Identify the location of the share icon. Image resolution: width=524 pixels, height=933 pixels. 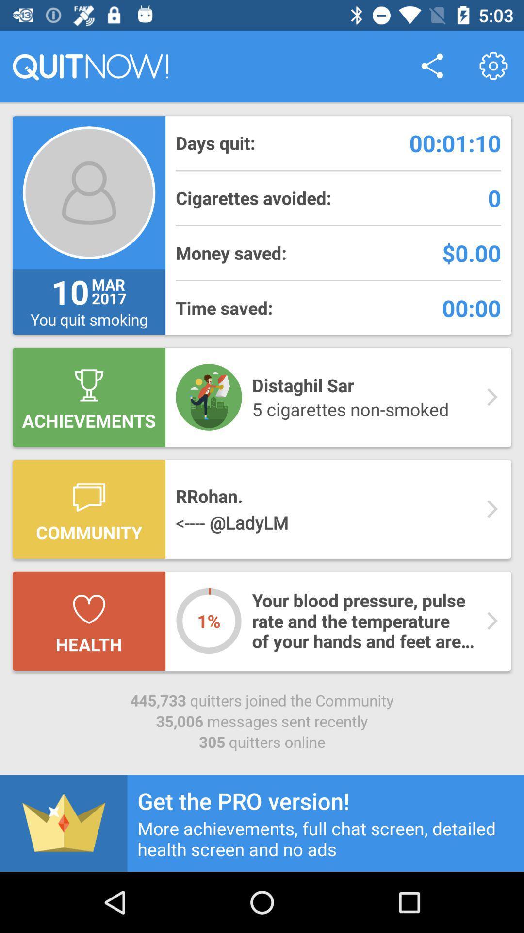
(432, 66).